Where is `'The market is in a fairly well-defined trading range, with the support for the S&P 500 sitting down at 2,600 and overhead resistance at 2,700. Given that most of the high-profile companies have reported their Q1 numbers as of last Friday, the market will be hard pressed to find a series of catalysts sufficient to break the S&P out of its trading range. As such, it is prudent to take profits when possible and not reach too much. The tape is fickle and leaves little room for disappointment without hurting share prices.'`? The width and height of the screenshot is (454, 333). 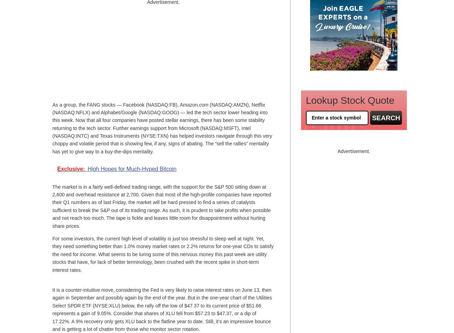
'The market is in a fairly well-defined trading range, with the support for the S&P 500 sitting down at 2,600 and overhead resistance at 2,700. Given that most of the high-profile companies have reported their Q1 numbers as of last Friday, the market will be hard pressed to find a series of catalysts sufficient to break the S&P out of its trading range. As such, it is prudent to take profits when possible and not reach too much. The tape is fickle and leaves little room for disappointment without hurting share prices.' is located at coordinates (161, 206).